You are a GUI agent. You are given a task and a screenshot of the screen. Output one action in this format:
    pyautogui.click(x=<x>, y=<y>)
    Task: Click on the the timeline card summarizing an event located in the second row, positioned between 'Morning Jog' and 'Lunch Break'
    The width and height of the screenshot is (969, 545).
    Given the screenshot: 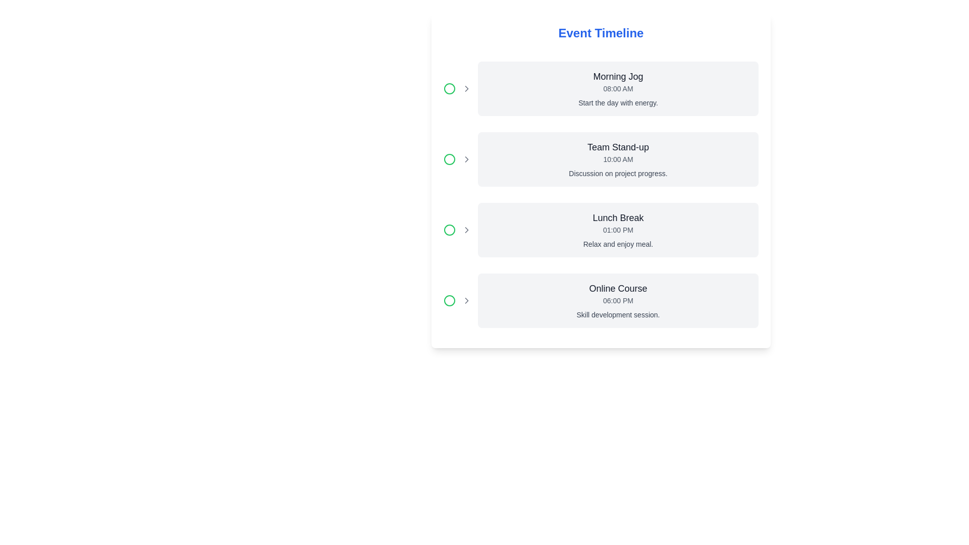 What is the action you would take?
    pyautogui.click(x=617, y=159)
    